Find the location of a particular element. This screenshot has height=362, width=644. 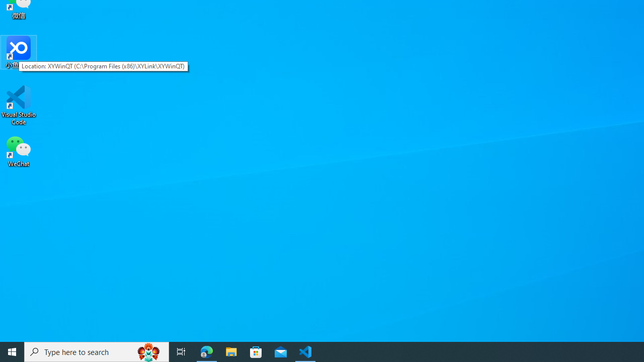

'Visual Studio Code - 1 running window' is located at coordinates (305, 351).